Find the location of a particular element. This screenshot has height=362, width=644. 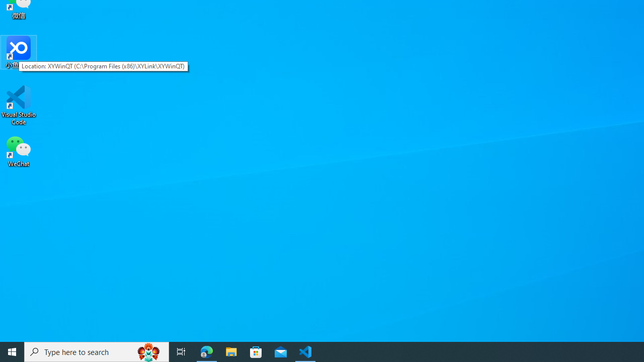

'Visual Studio Code - 1 running window' is located at coordinates (305, 351).